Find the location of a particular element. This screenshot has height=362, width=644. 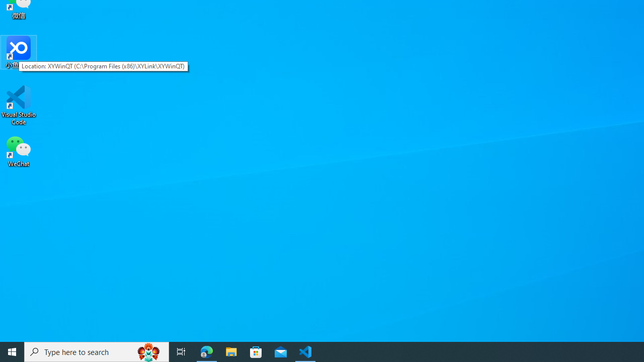

'Visual Studio Code - 1 running window' is located at coordinates (305, 351).